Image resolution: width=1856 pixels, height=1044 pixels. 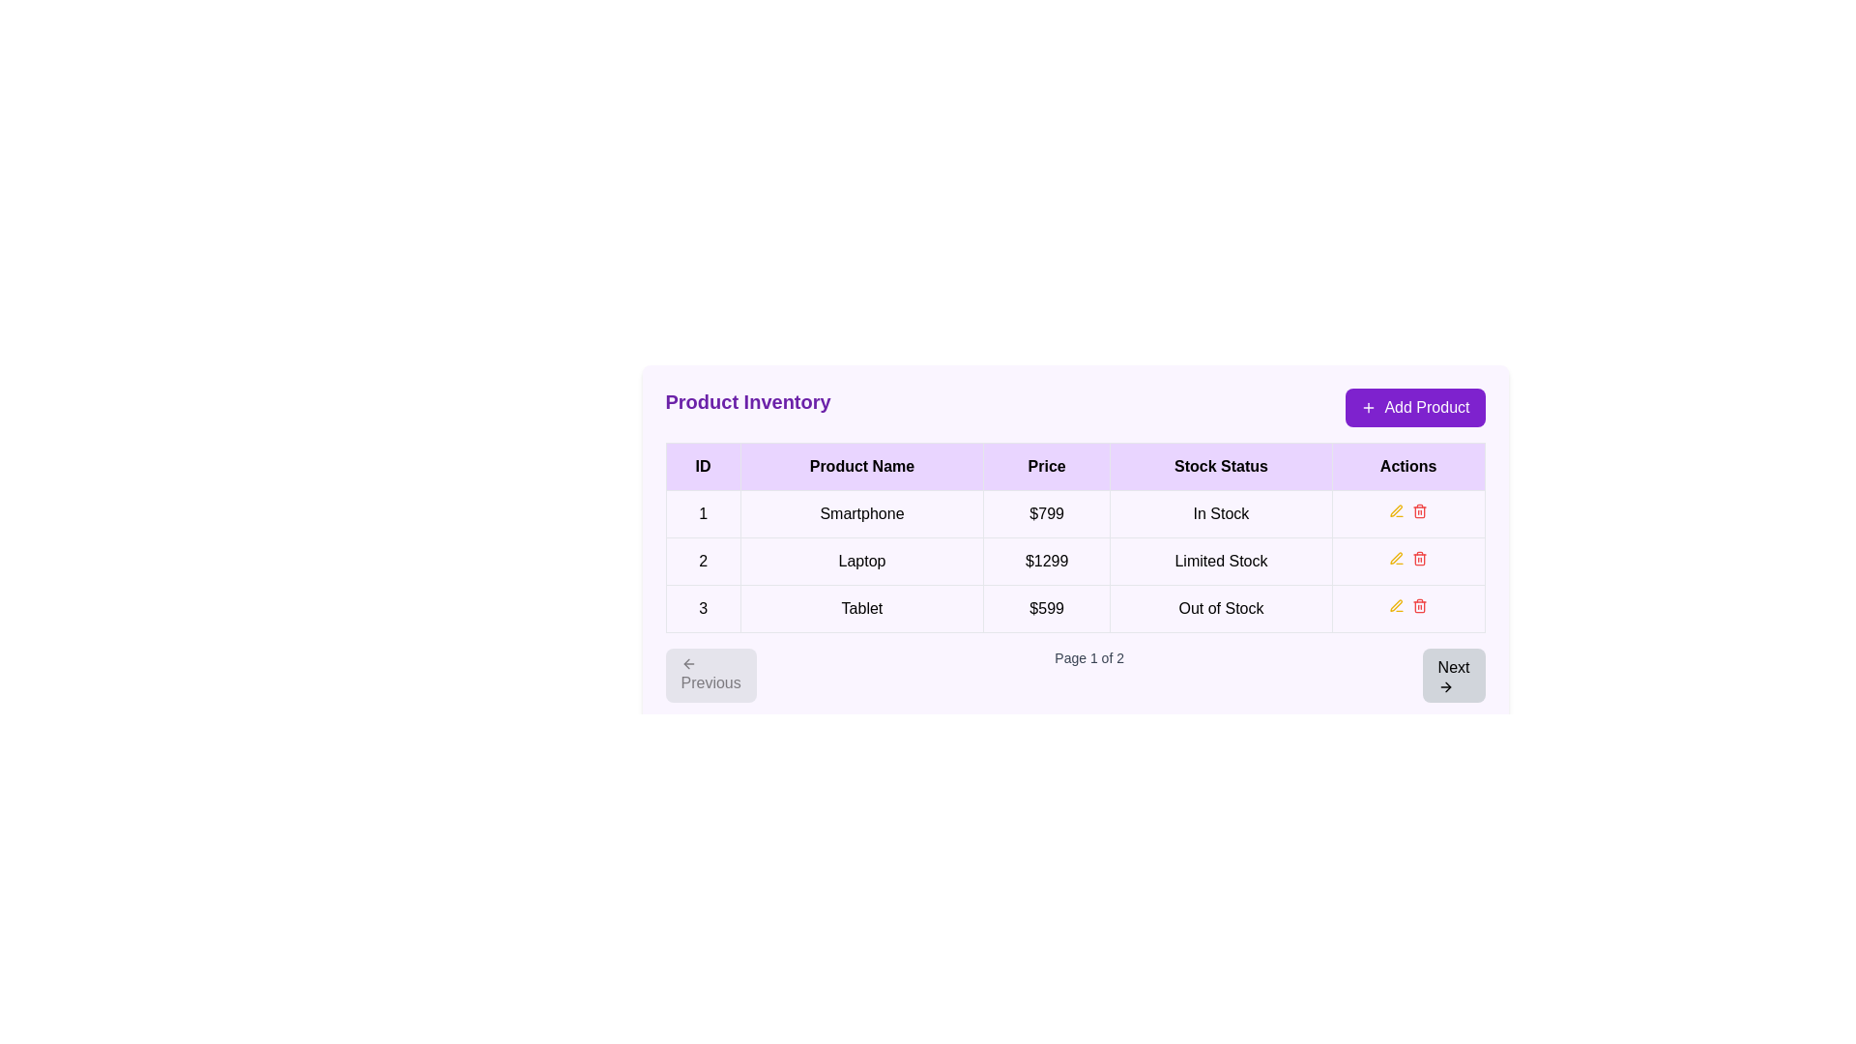 I want to click on the 'Previous' button which contains the left-pointing arrow SVG icon located at the bottom-left corner of the interface, so click(x=686, y=662).